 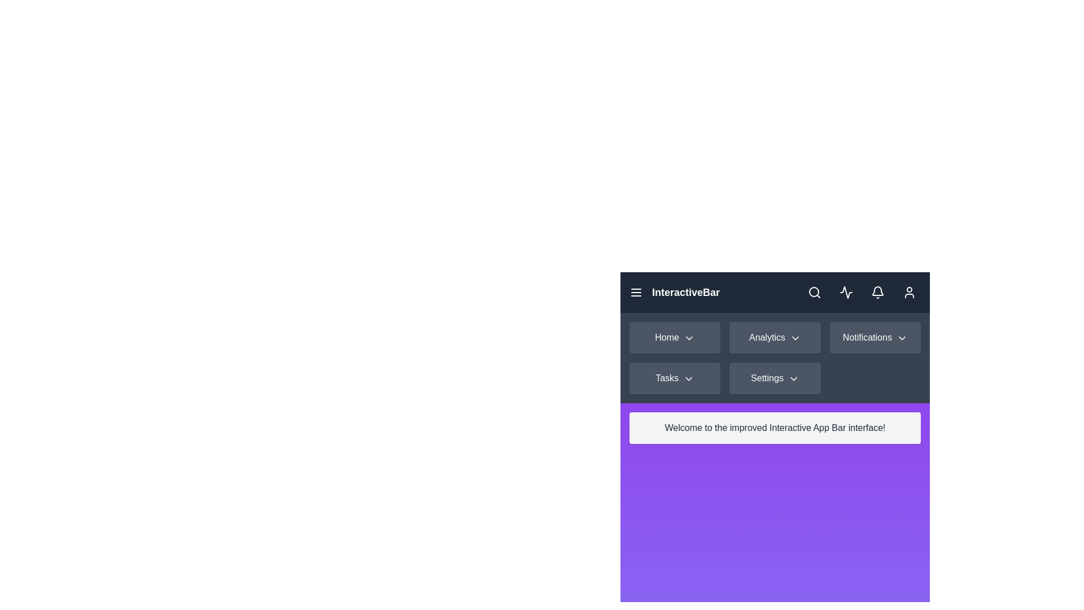 I want to click on the menu button to toggle the menu visibility, so click(x=636, y=291).